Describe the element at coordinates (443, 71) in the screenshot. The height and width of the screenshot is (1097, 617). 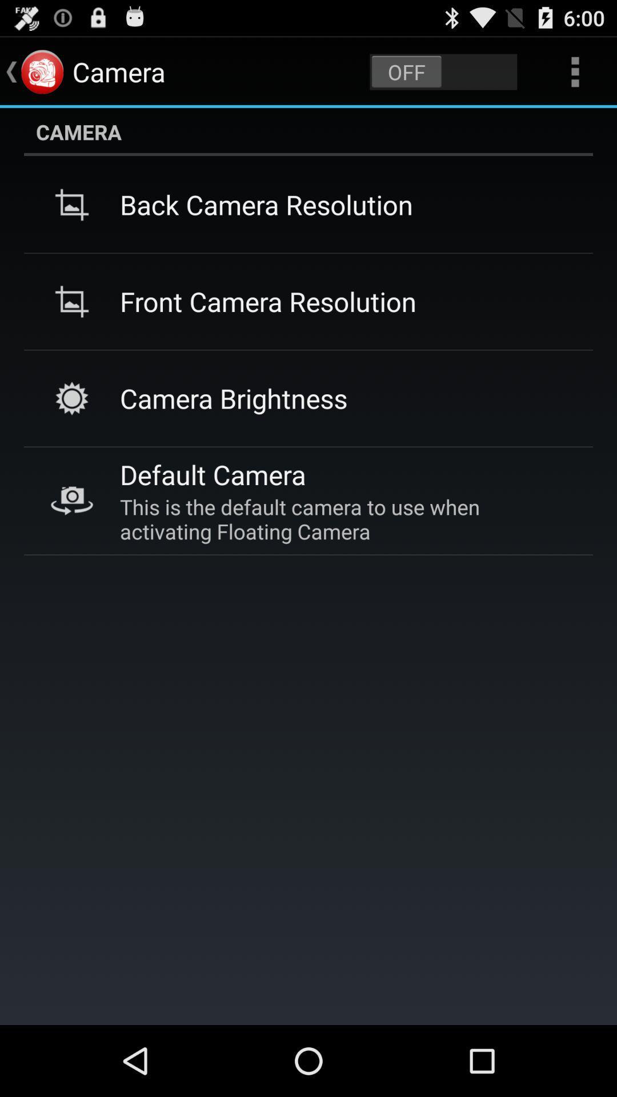
I see `camera off/on` at that location.